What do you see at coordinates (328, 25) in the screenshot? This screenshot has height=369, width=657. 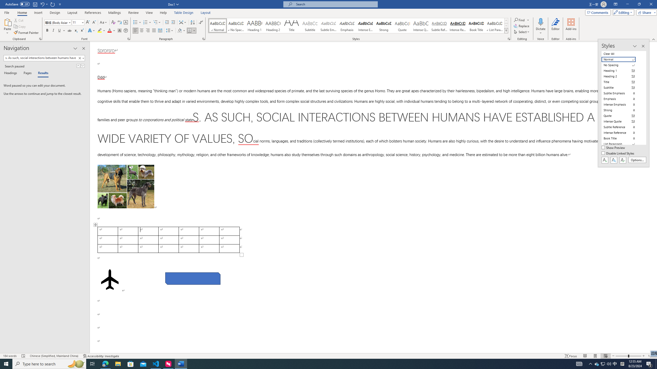 I see `'Subtle Emphasis'` at bounding box center [328, 25].